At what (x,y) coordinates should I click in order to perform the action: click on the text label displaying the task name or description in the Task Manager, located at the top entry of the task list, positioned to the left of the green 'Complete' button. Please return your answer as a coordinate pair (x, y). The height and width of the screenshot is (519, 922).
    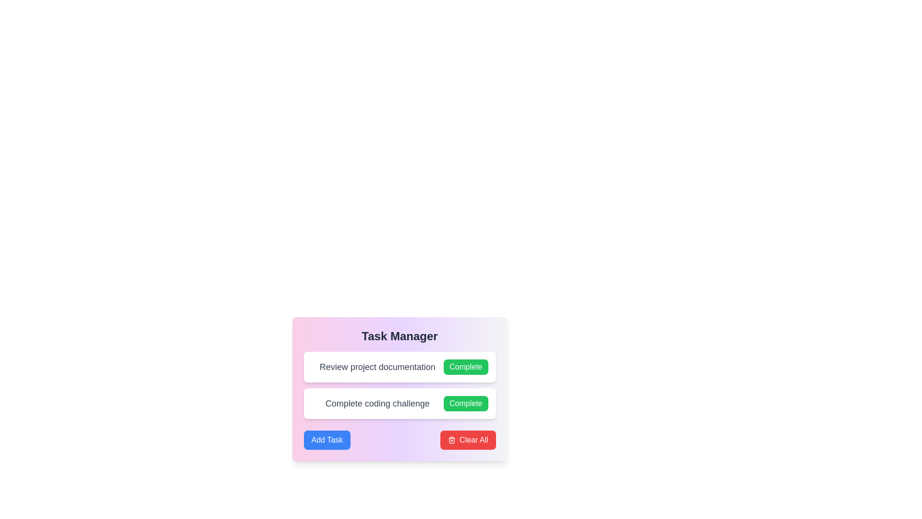
    Looking at the image, I should click on (377, 367).